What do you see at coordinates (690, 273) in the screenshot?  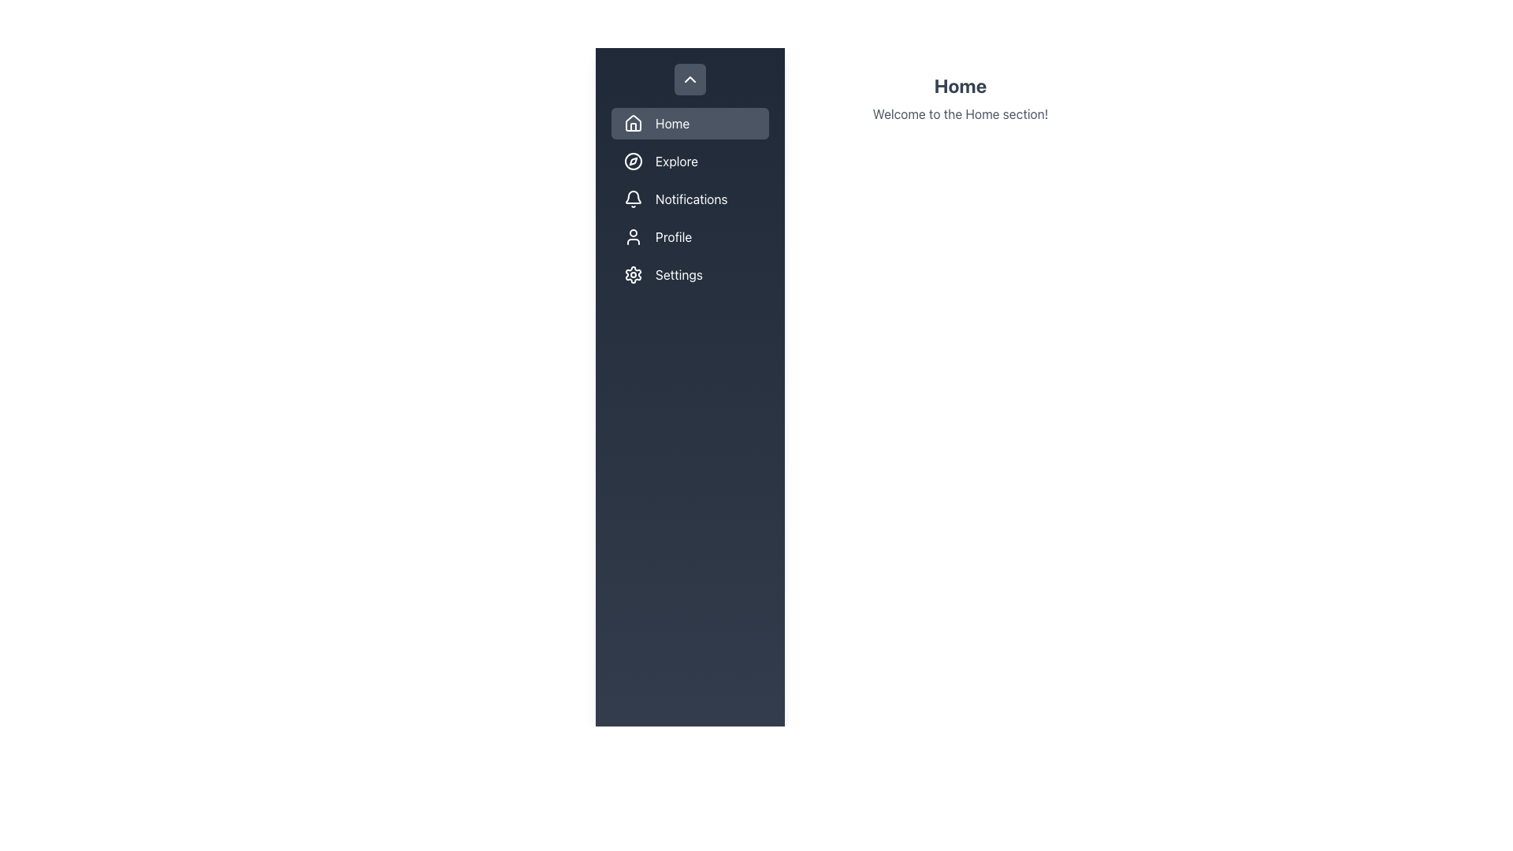 I see `the settings button located at the bottom of the vertical navigation menu` at bounding box center [690, 273].